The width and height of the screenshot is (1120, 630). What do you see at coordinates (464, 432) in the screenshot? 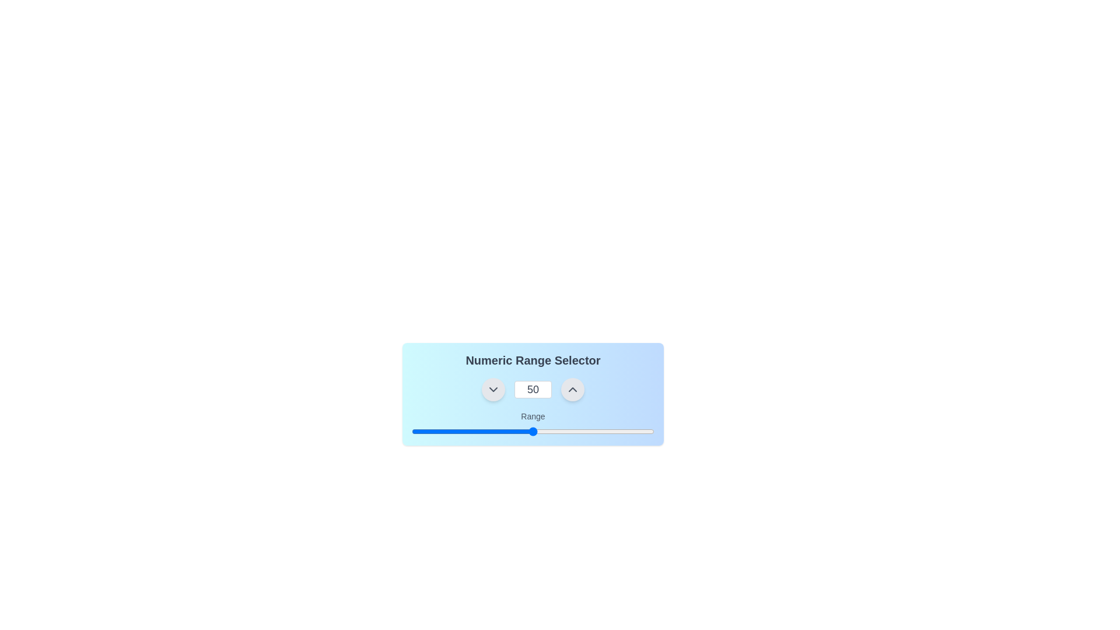
I see `range` at bounding box center [464, 432].